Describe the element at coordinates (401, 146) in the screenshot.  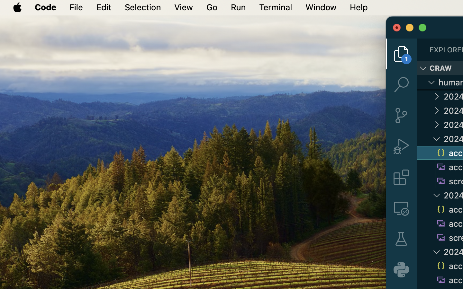
I see `''` at that location.